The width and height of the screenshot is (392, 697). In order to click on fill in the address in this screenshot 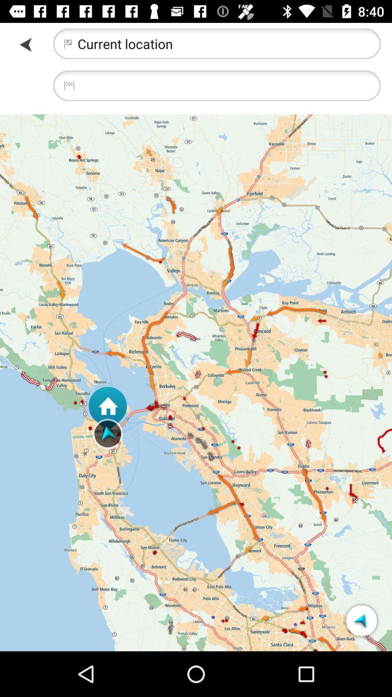, I will do `click(216, 86)`.